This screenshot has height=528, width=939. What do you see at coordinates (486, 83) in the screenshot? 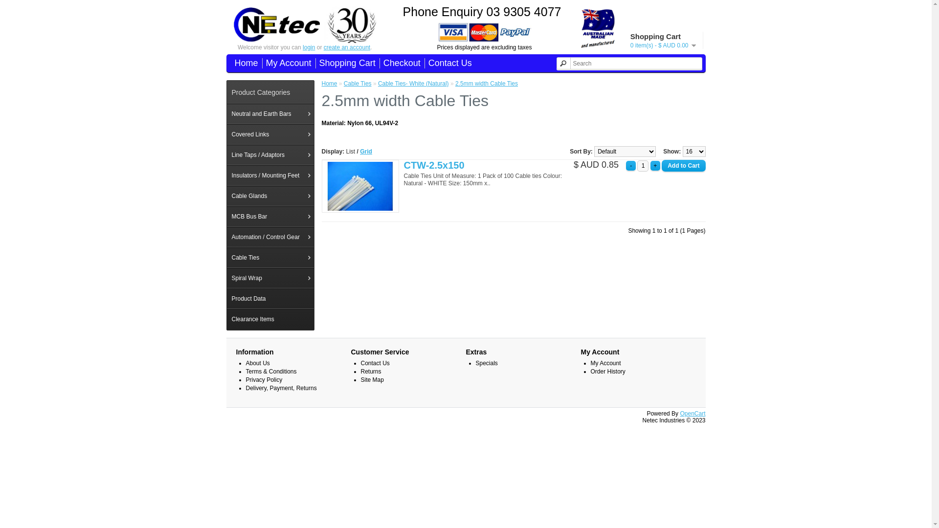
I see `'2.5mm width Cable Ties'` at bounding box center [486, 83].